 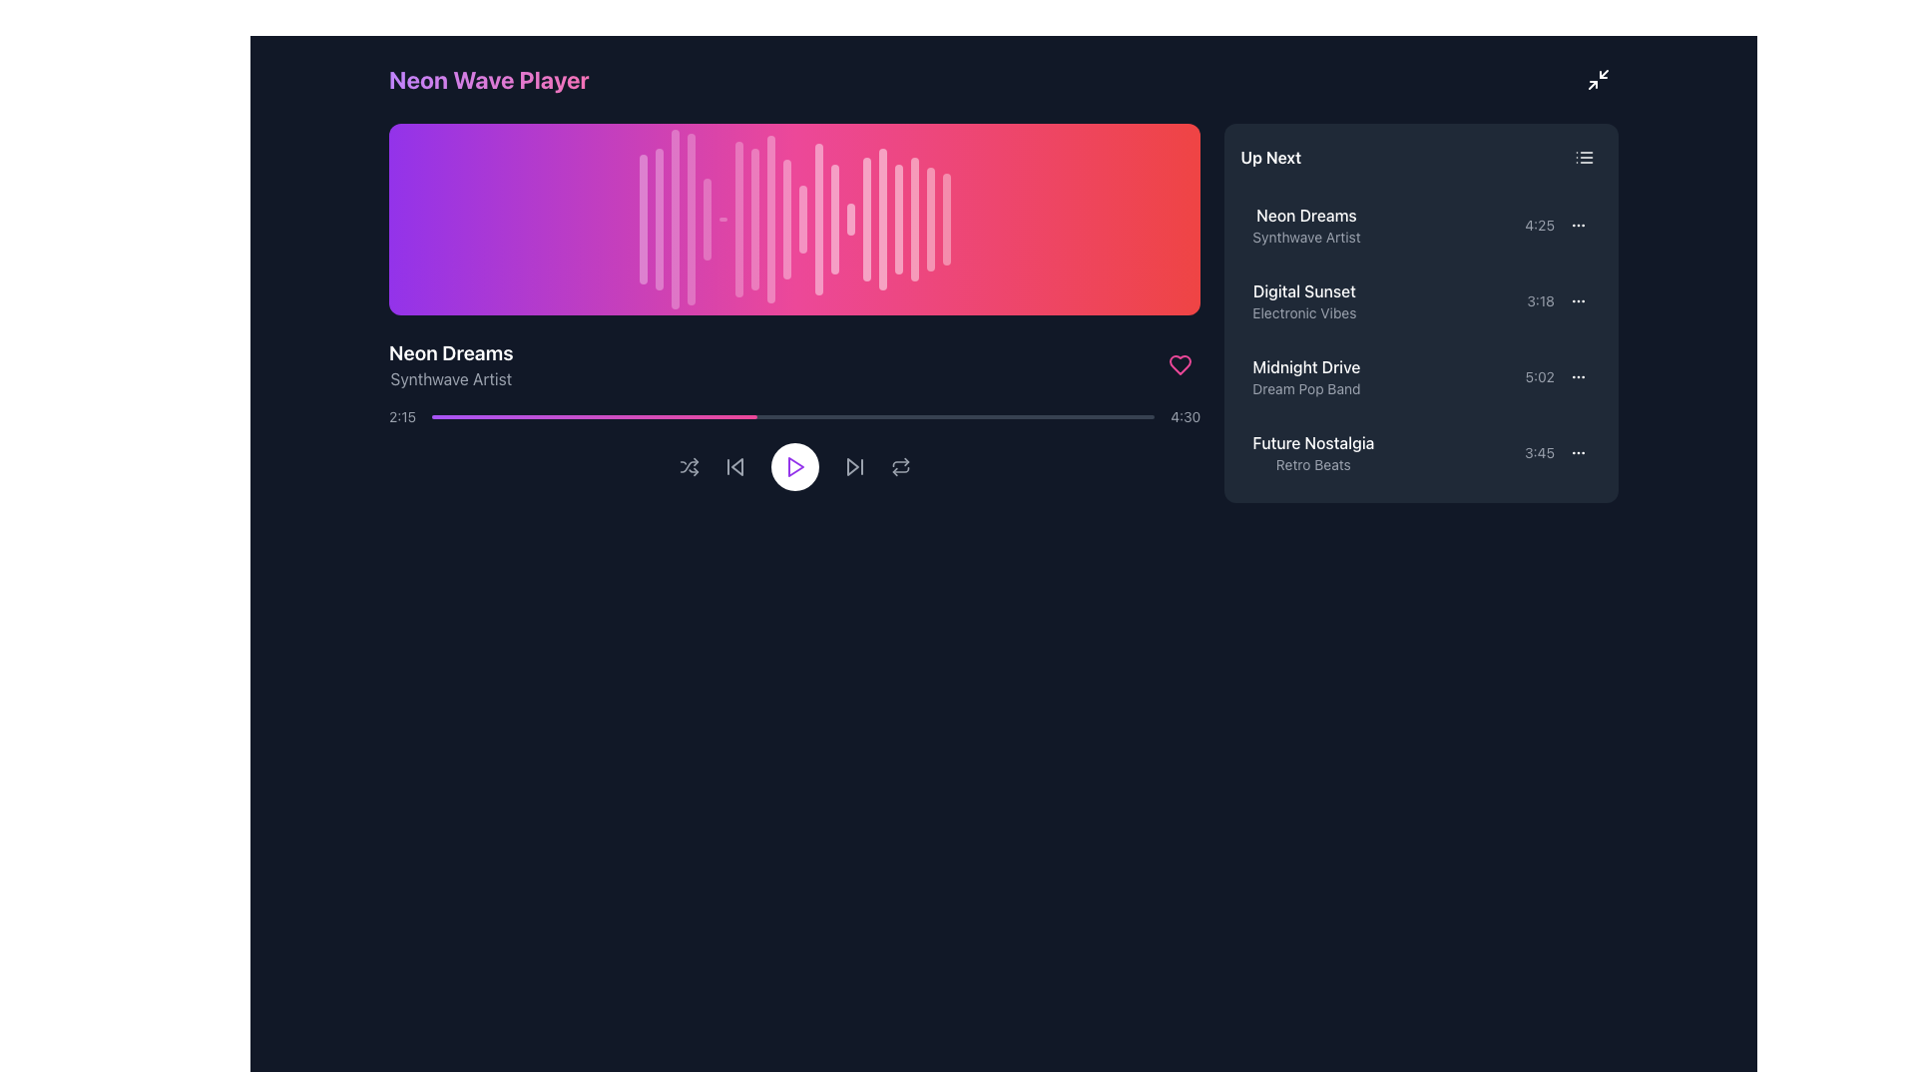 What do you see at coordinates (1599, 79) in the screenshot?
I see `the button located in the top-right corner of the interface` at bounding box center [1599, 79].